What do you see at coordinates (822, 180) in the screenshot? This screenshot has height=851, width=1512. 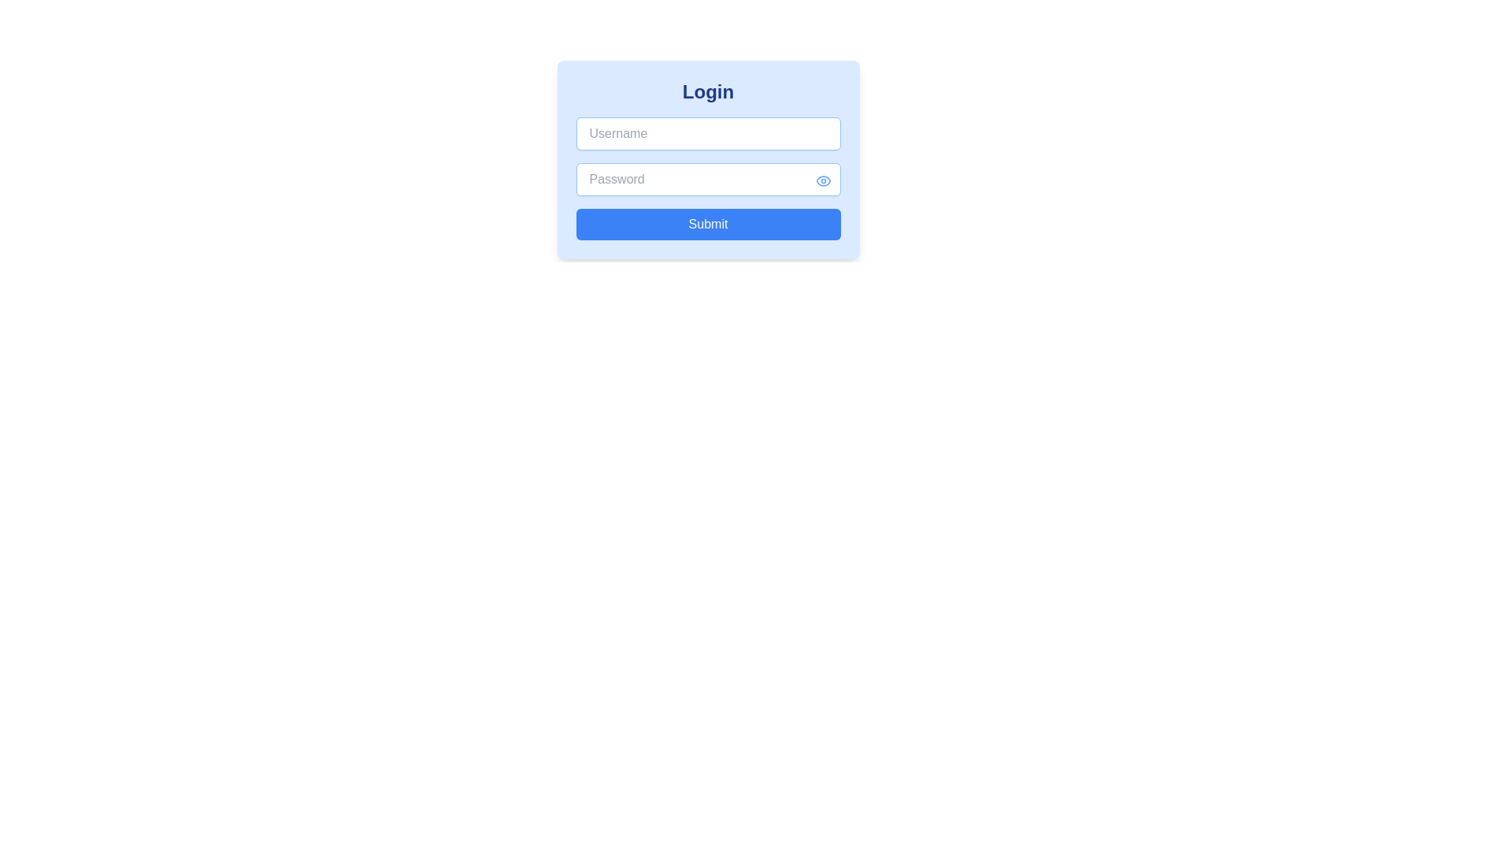 I see `the eye-shaped icon located to the right of the password input field` at bounding box center [822, 180].